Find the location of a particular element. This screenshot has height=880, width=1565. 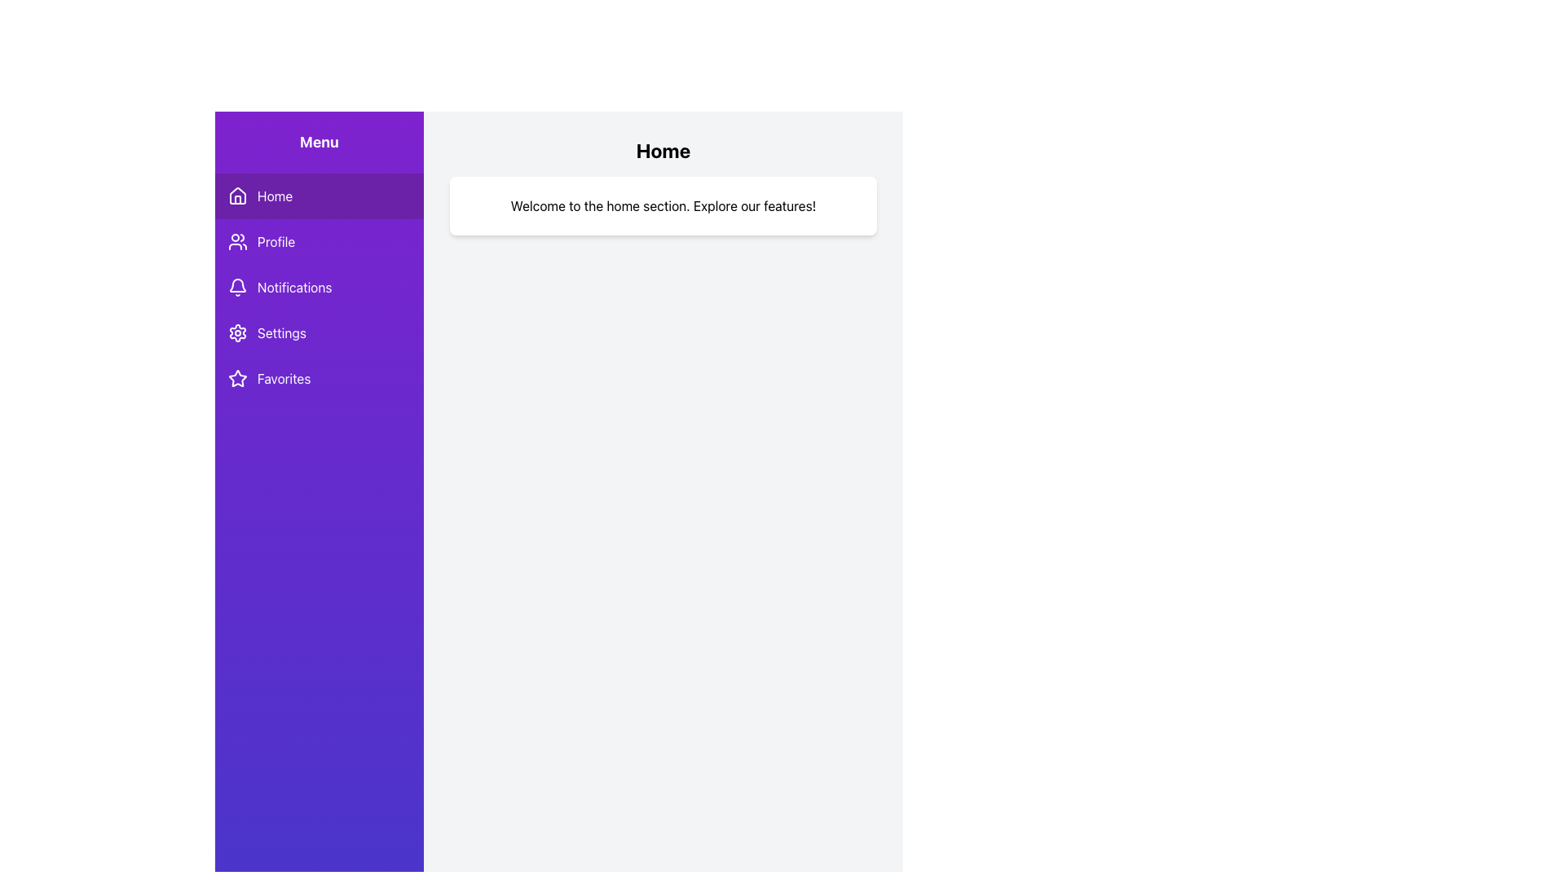

the star icon located in the sidebar menu, which serves as the visual indicator for the 'Favorites' section, positioned to the left of the 'Favorites' menu item is located at coordinates (237, 378).